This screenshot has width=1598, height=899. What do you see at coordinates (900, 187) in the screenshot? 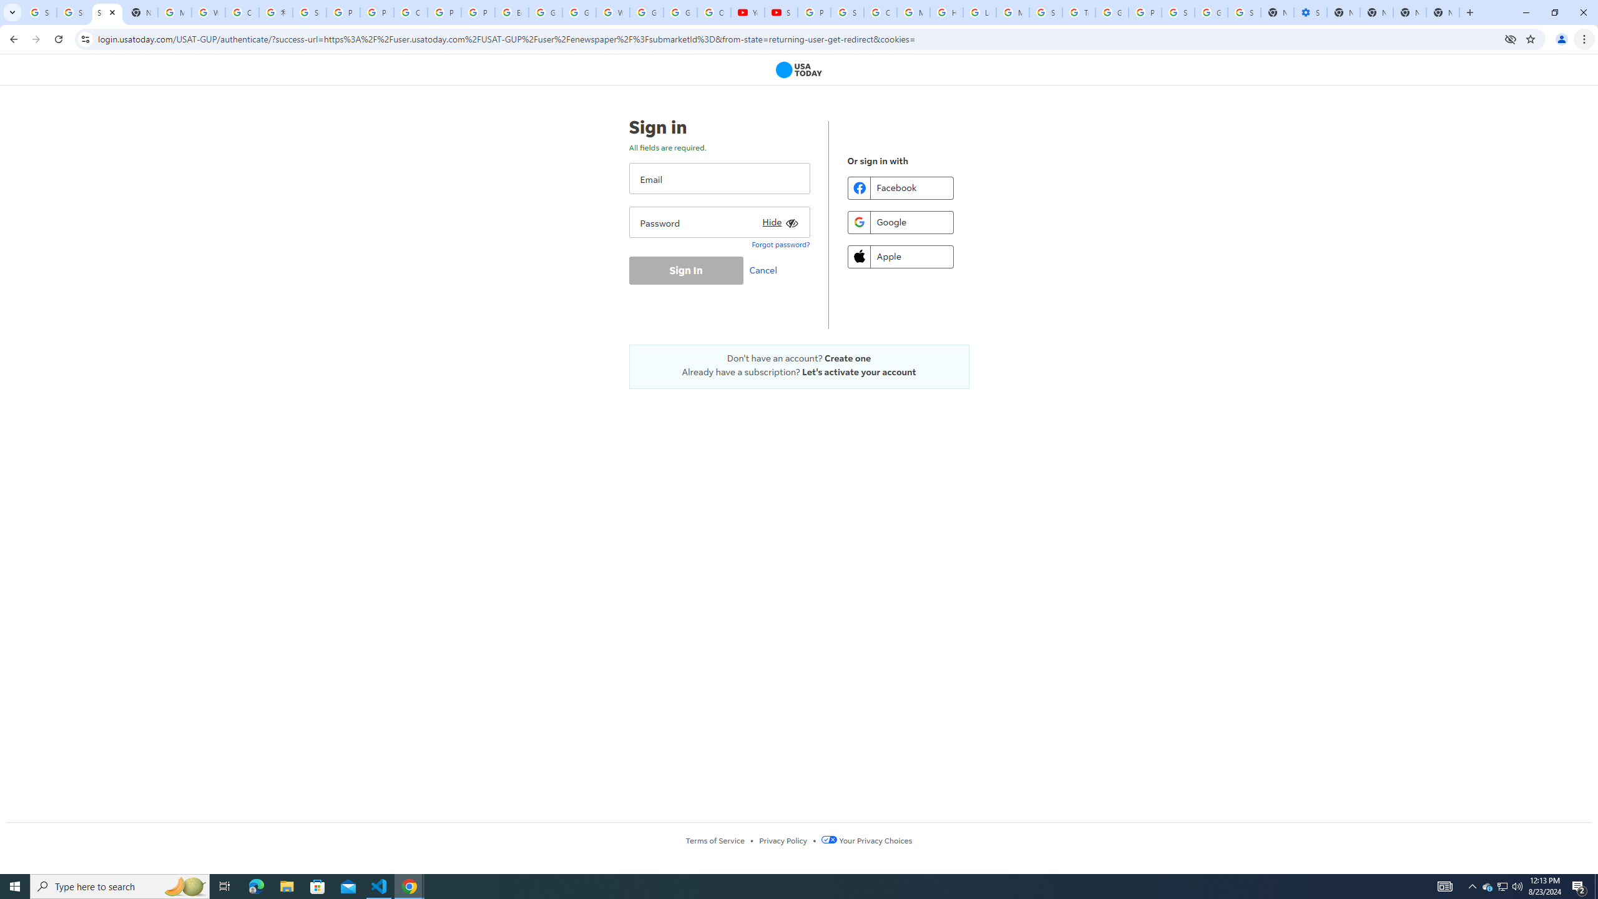
I see `'Facebook'` at bounding box center [900, 187].